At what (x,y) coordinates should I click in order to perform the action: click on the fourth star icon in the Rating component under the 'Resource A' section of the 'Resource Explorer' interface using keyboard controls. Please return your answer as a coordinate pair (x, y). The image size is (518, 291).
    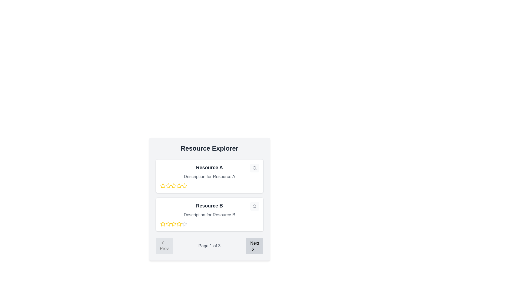
    Looking at the image, I should click on (173, 186).